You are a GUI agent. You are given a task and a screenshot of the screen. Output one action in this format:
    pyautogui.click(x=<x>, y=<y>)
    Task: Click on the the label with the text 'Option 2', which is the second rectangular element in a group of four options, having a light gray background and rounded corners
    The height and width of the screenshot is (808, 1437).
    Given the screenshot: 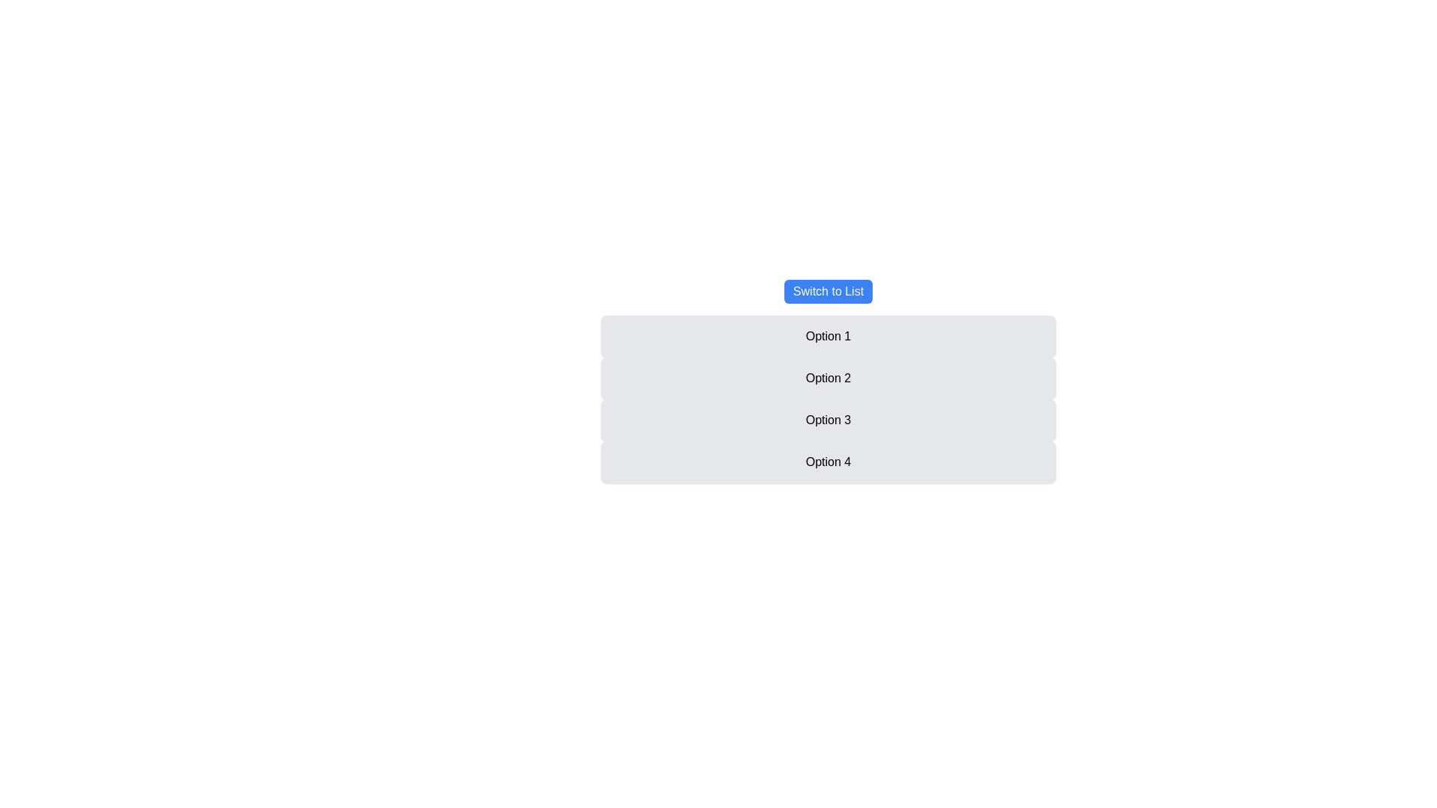 What is the action you would take?
    pyautogui.click(x=828, y=377)
    